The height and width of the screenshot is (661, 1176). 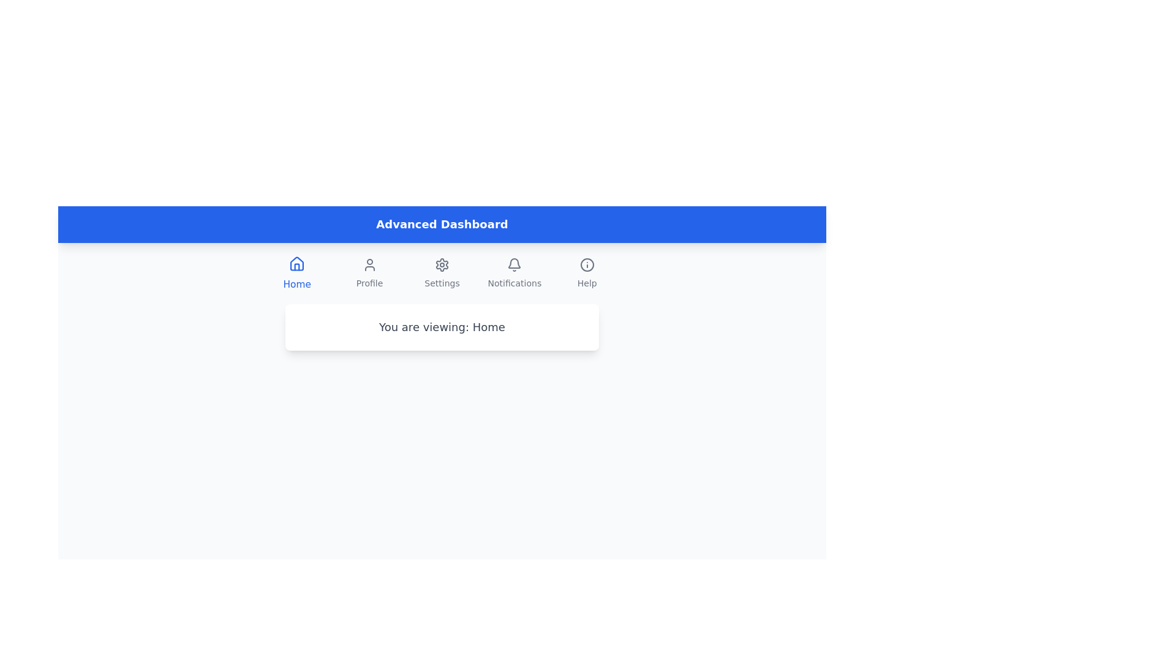 I want to click on the notifications button, which is the fourth item in a five-column grid layout, so click(x=514, y=273).